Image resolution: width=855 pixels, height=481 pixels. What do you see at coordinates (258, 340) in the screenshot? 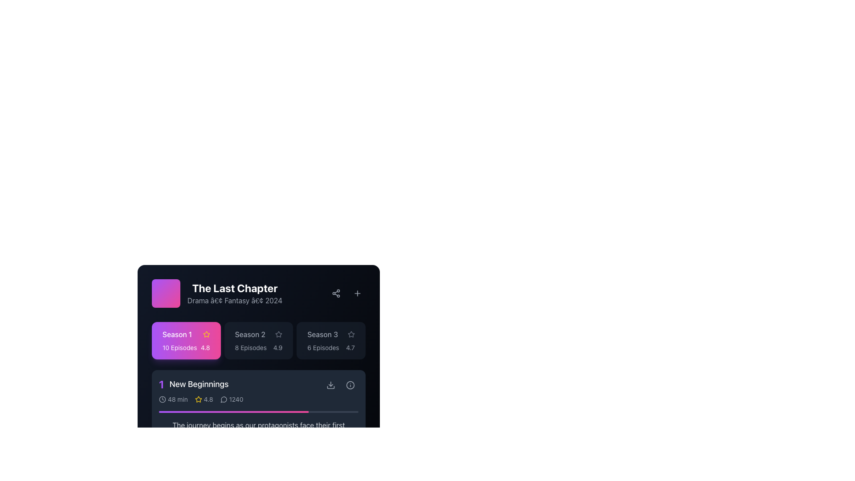
I see `the 'Season 2' selection button in the series overview interface to switch the displayed content to episodes and information related to Season 2` at bounding box center [258, 340].